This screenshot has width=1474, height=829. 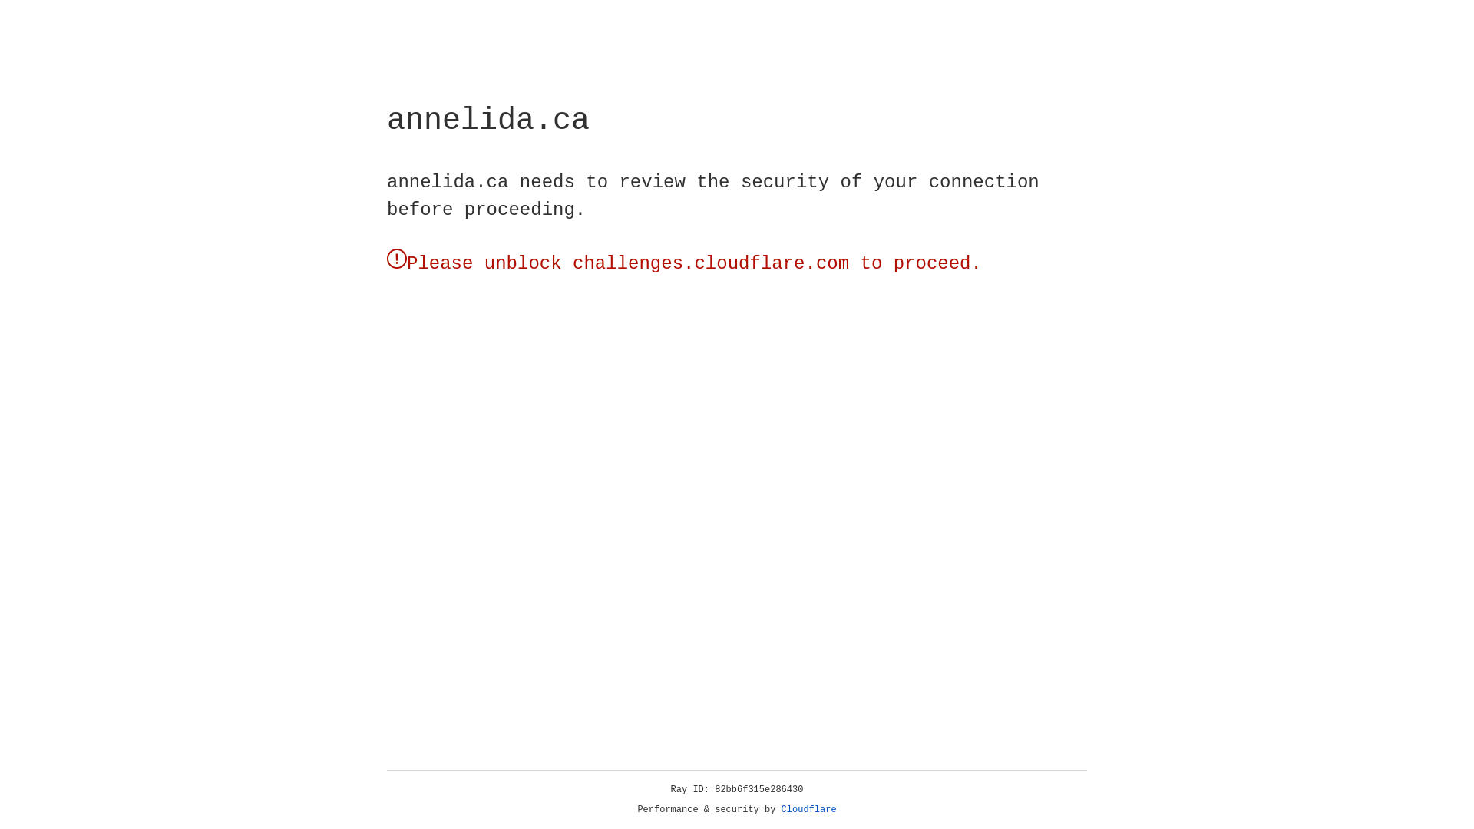 I want to click on 'Cloudflare', so click(x=808, y=809).